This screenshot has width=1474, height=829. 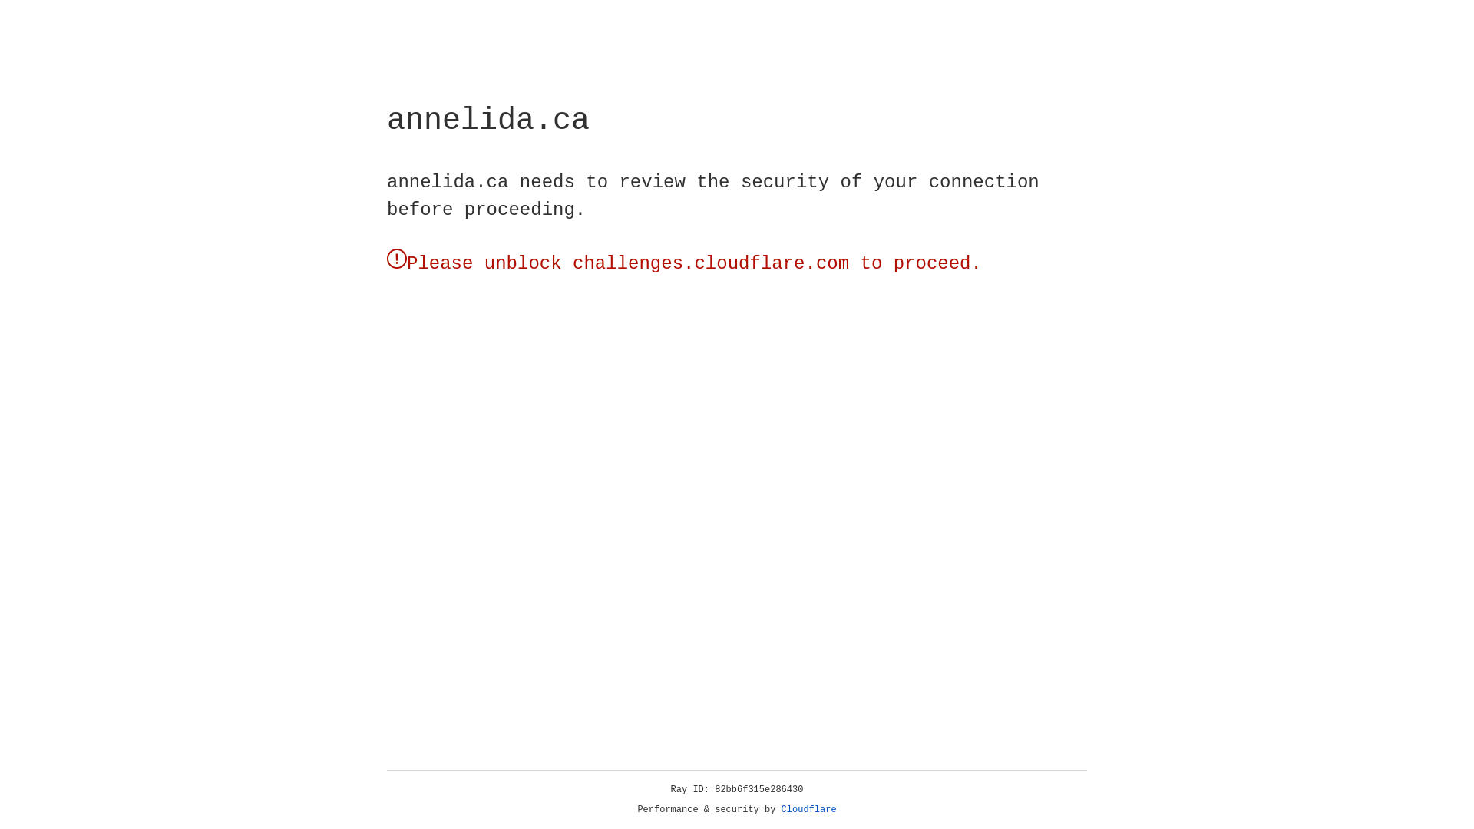 I want to click on 'Cloudflare', so click(x=808, y=809).